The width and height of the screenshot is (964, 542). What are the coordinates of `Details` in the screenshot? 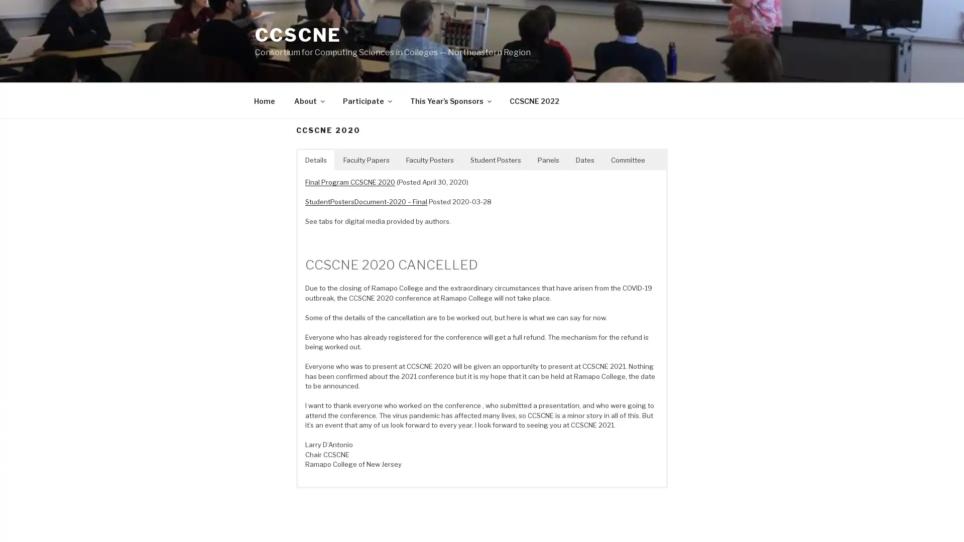 It's located at (315, 159).